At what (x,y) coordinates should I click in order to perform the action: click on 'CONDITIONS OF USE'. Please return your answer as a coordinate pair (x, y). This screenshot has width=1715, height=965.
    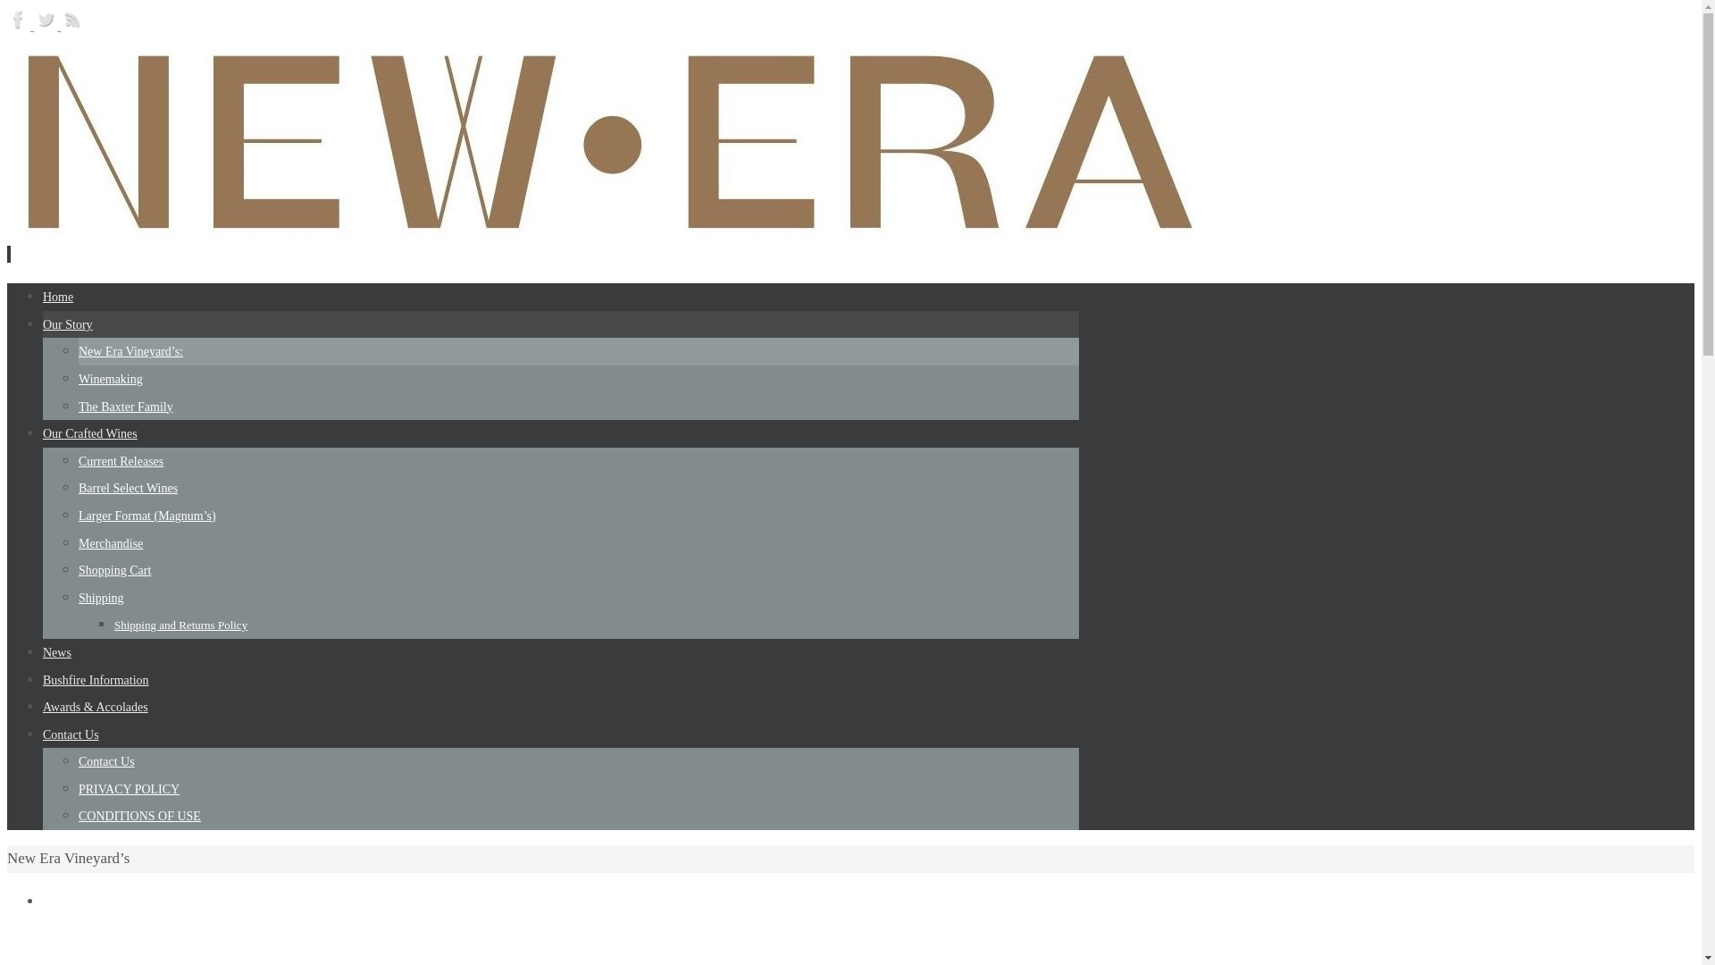
    Looking at the image, I should click on (138, 816).